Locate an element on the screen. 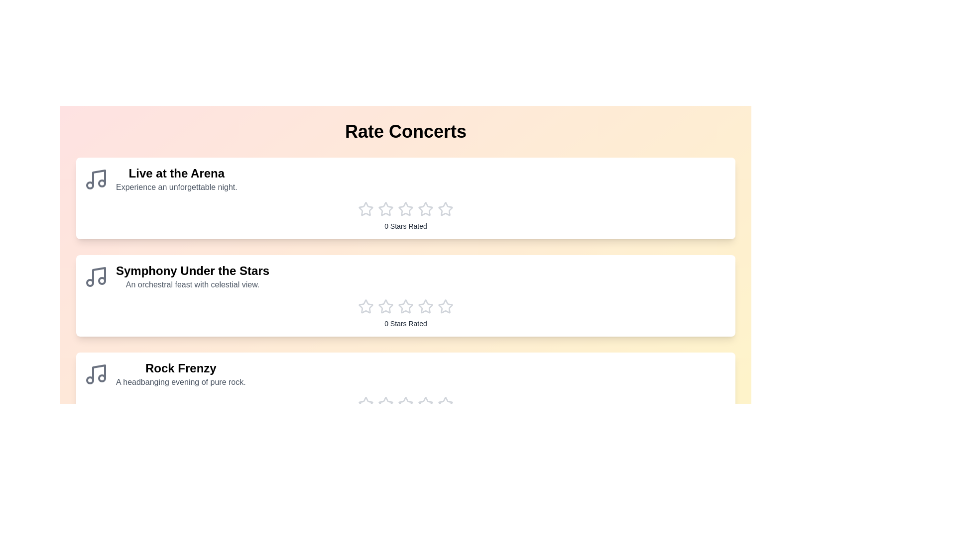  the star corresponding to the rating 1 for the concert Rock Frenzy is located at coordinates (365, 404).